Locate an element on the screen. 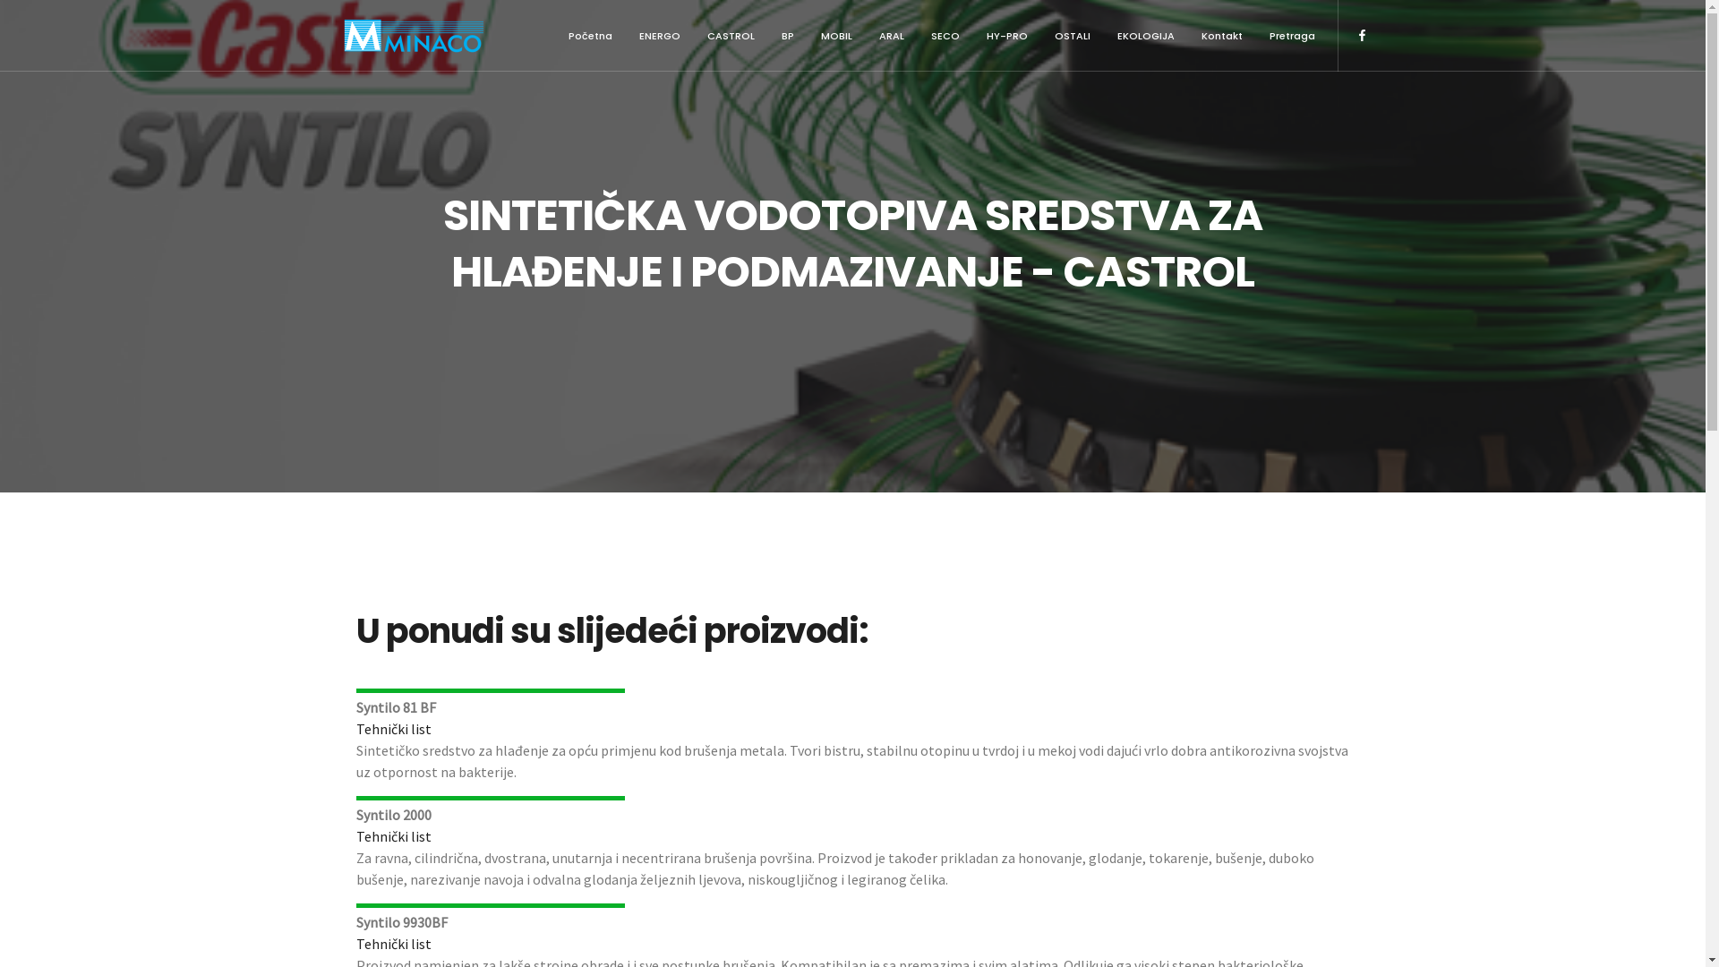 The height and width of the screenshot is (967, 1719). 'Pretraga' is located at coordinates (1253, 35).